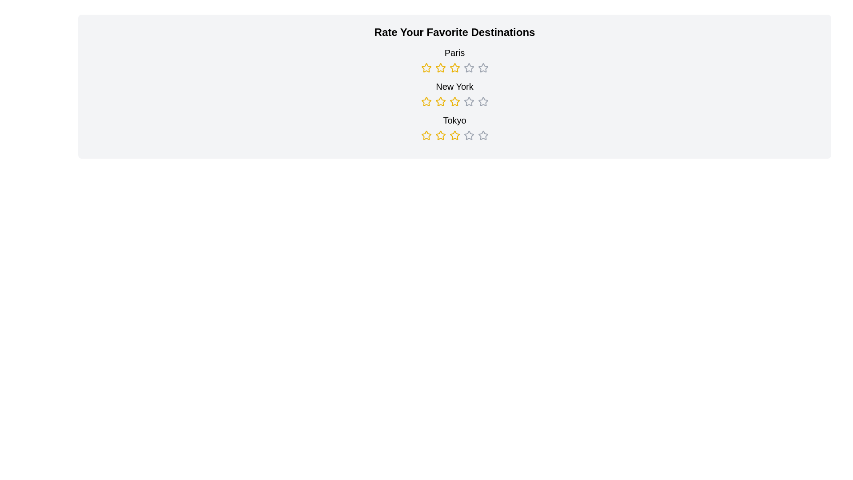  I want to click on the third star icon in the row associated with the 'Paris' rating, so click(468, 67).